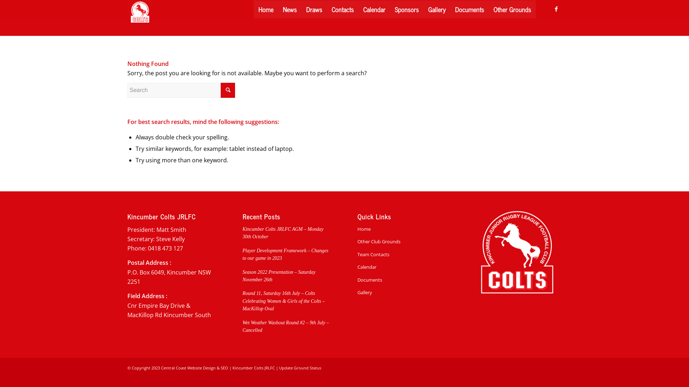 This screenshot has height=387, width=689. What do you see at coordinates (327, 9) in the screenshot?
I see `'Contacts'` at bounding box center [327, 9].